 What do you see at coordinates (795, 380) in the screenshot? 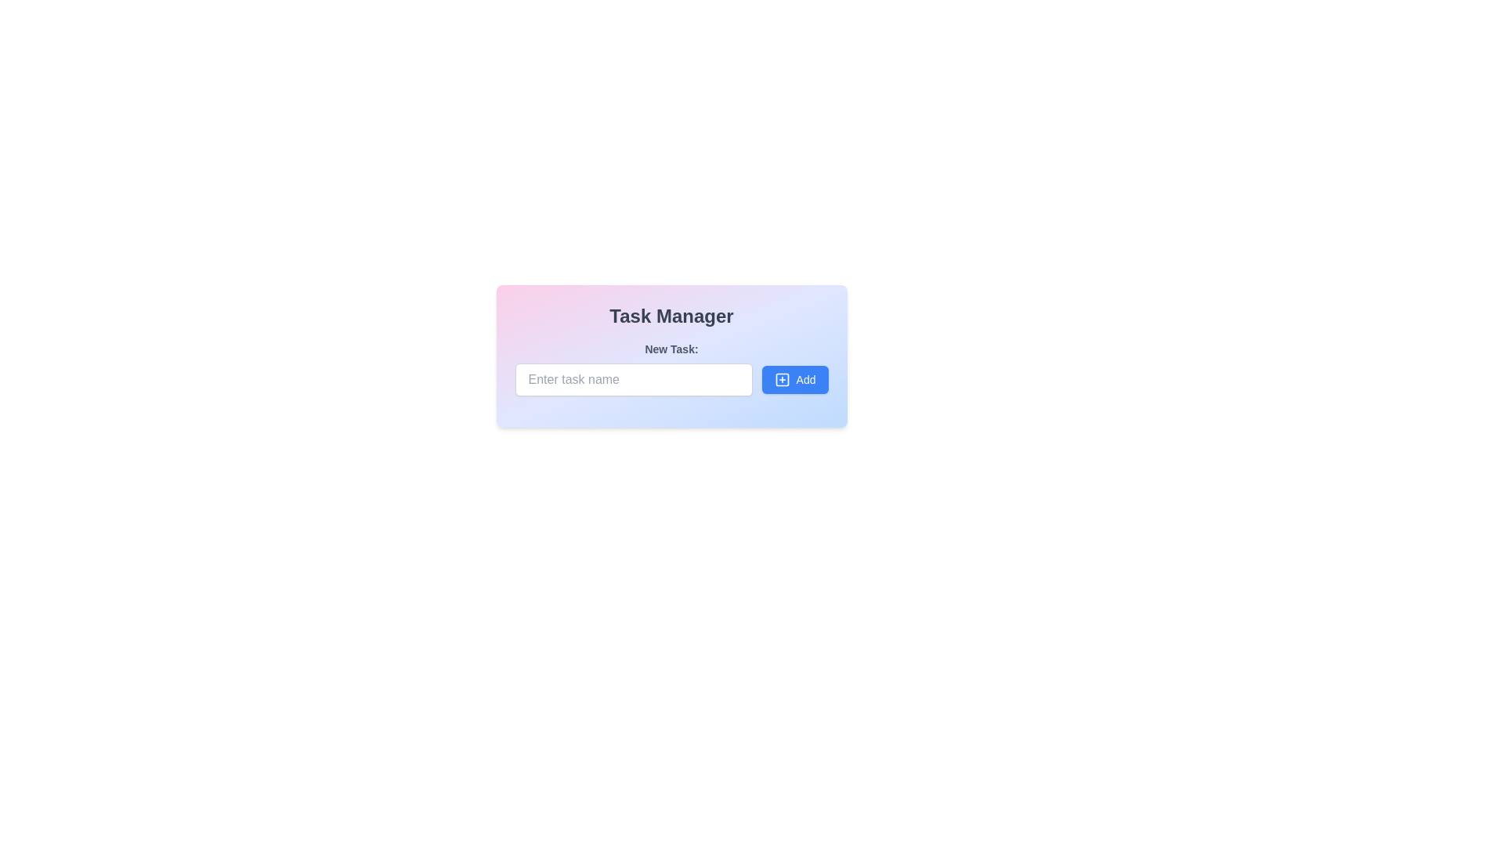
I see `the rectangular blue button with a 'plus' icon and 'Add' text` at bounding box center [795, 380].